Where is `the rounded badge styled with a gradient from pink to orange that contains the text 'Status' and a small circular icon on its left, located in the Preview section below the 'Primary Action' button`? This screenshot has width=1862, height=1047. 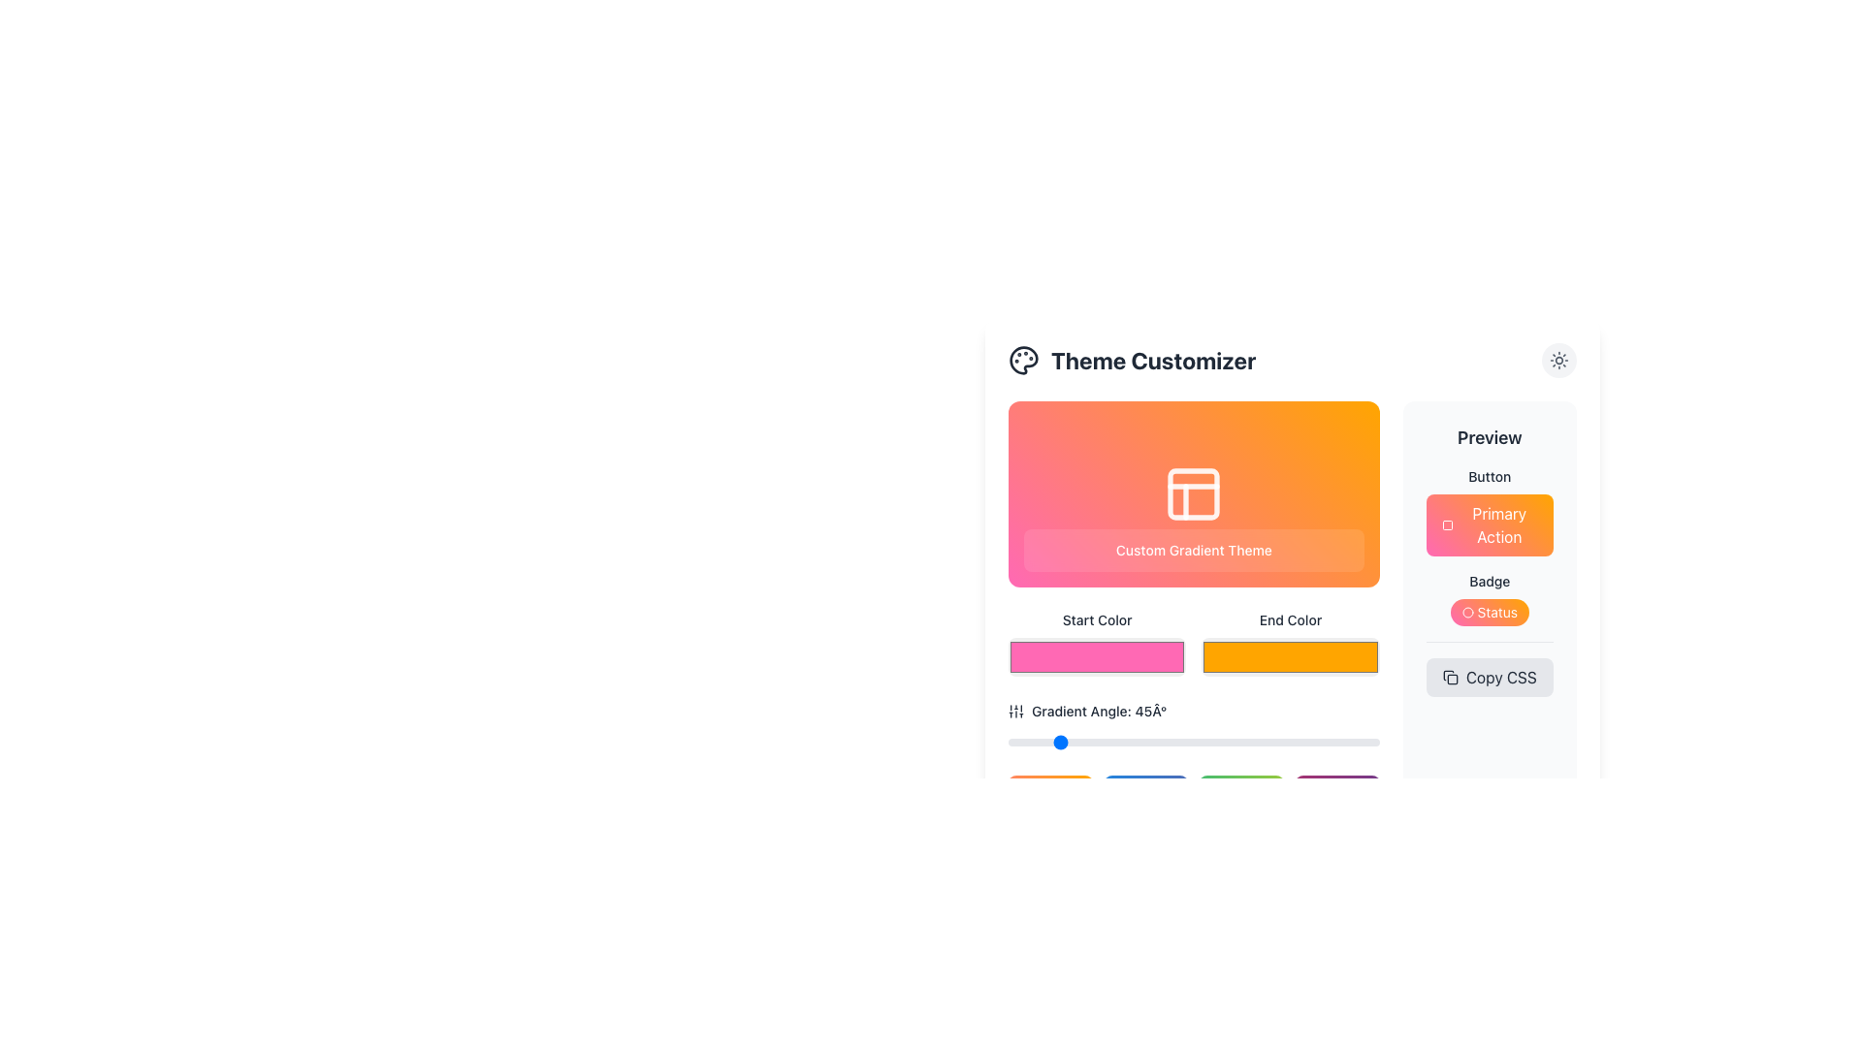 the rounded badge styled with a gradient from pink to orange that contains the text 'Status' and a small circular icon on its left, located in the Preview section below the 'Primary Action' button is located at coordinates (1489, 597).